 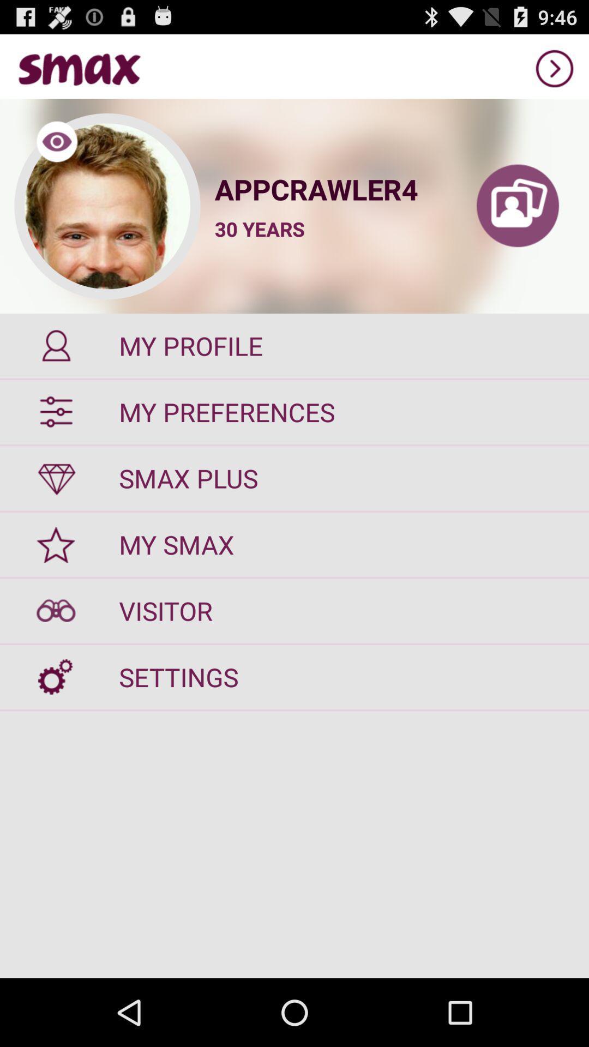 I want to click on the app above 30 years icon, so click(x=330, y=189).